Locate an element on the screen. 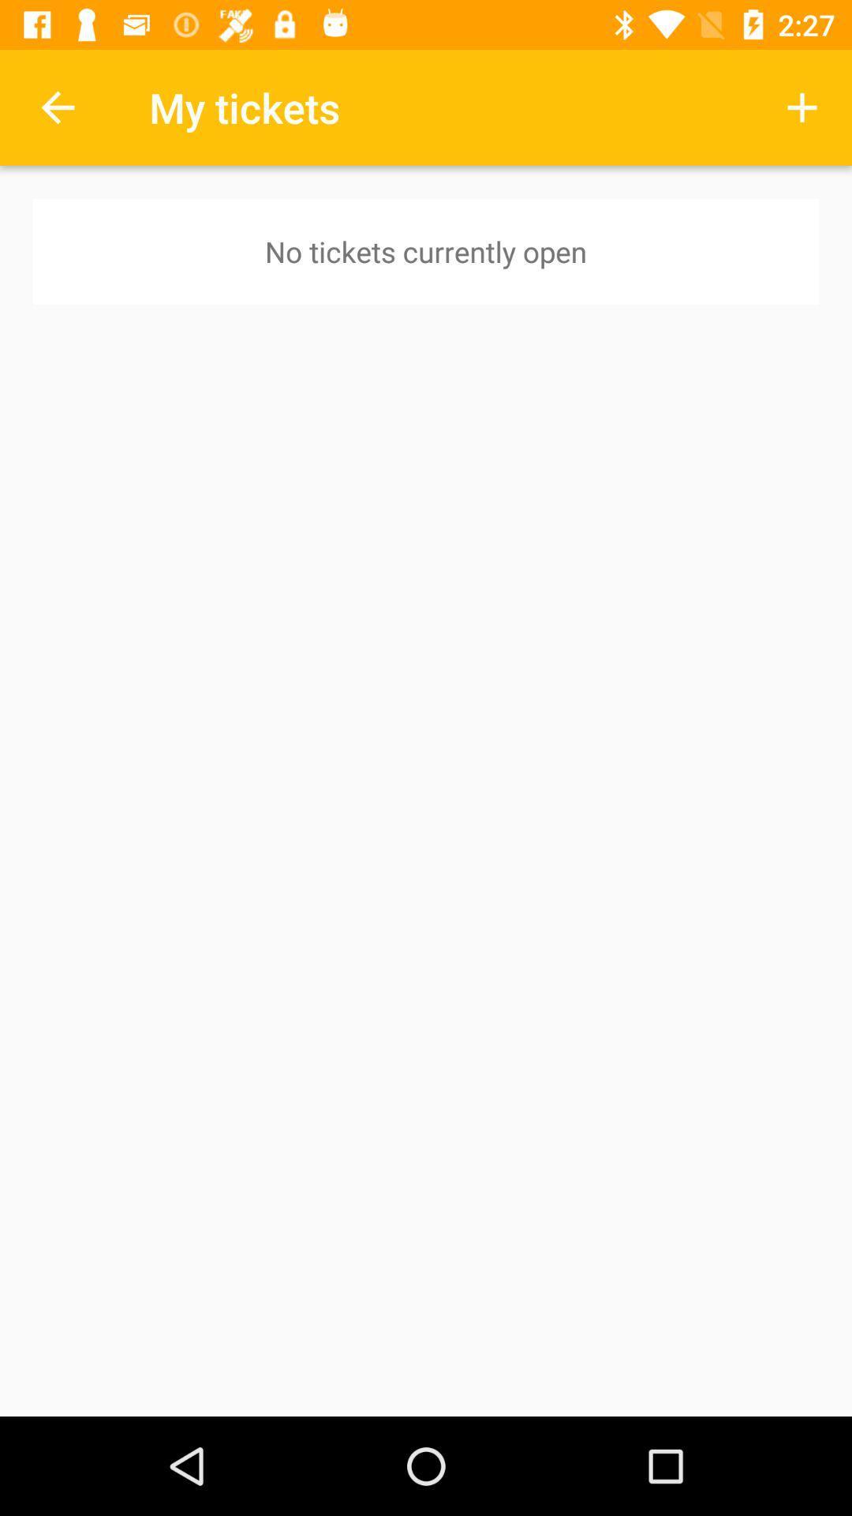  item to the right of the my tickets item is located at coordinates (802, 107).